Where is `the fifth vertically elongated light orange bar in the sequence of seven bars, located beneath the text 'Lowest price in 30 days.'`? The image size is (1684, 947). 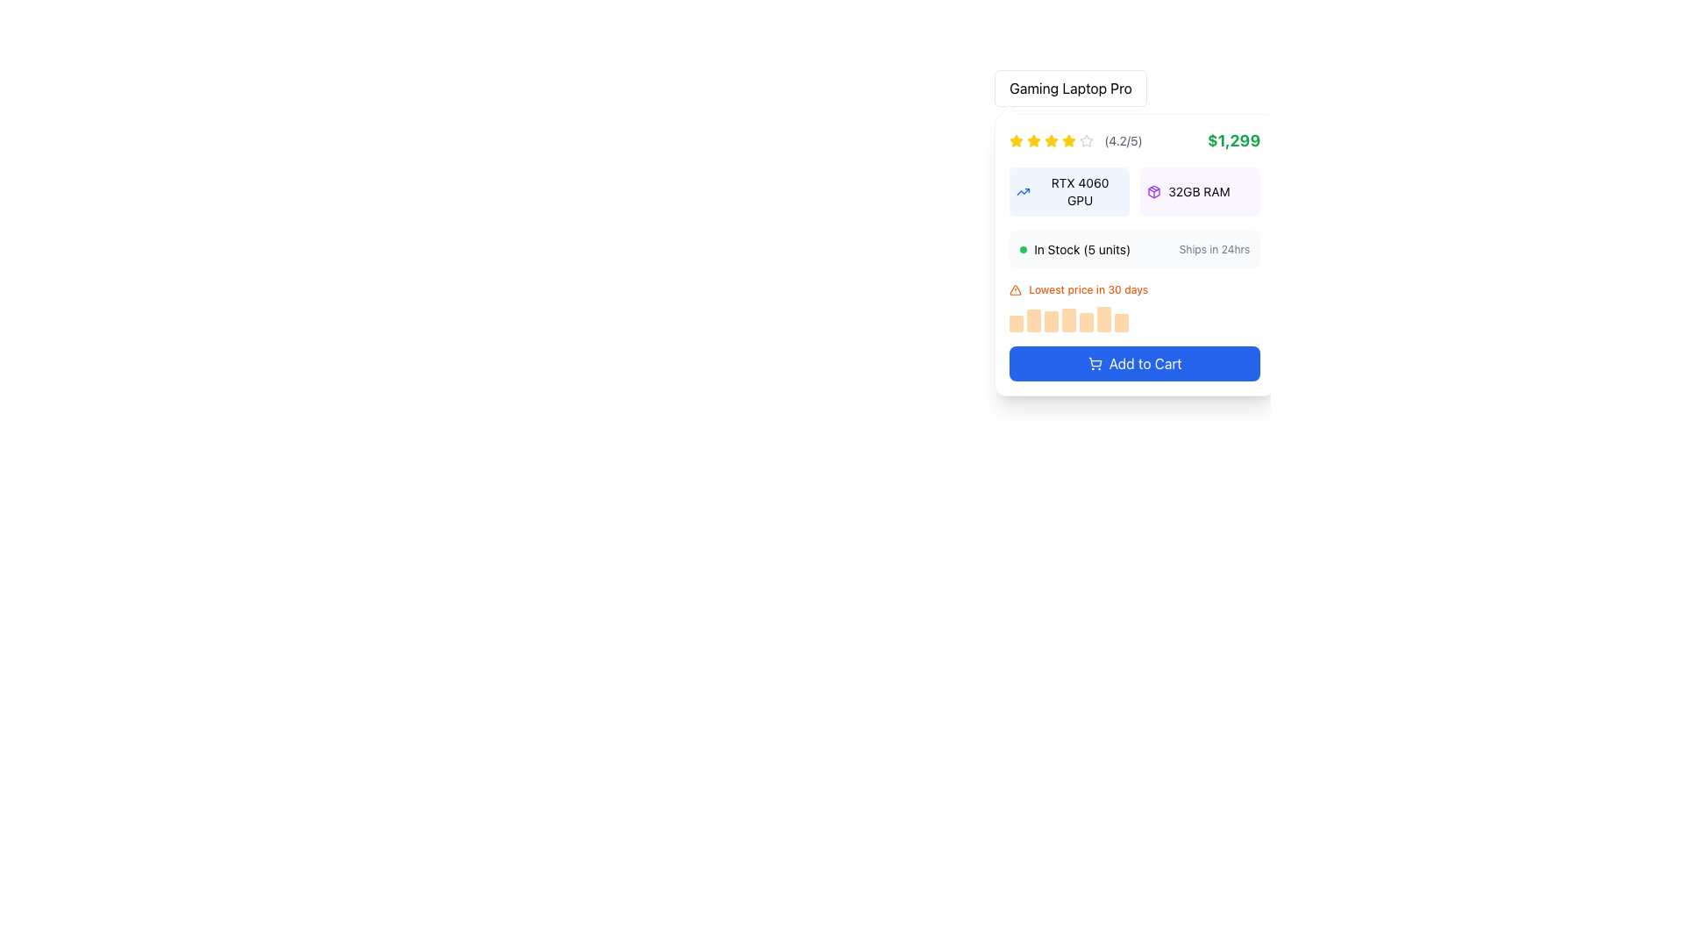 the fifth vertically elongated light orange bar in the sequence of seven bars, located beneath the text 'Lowest price in 30 days.' is located at coordinates (1086, 322).